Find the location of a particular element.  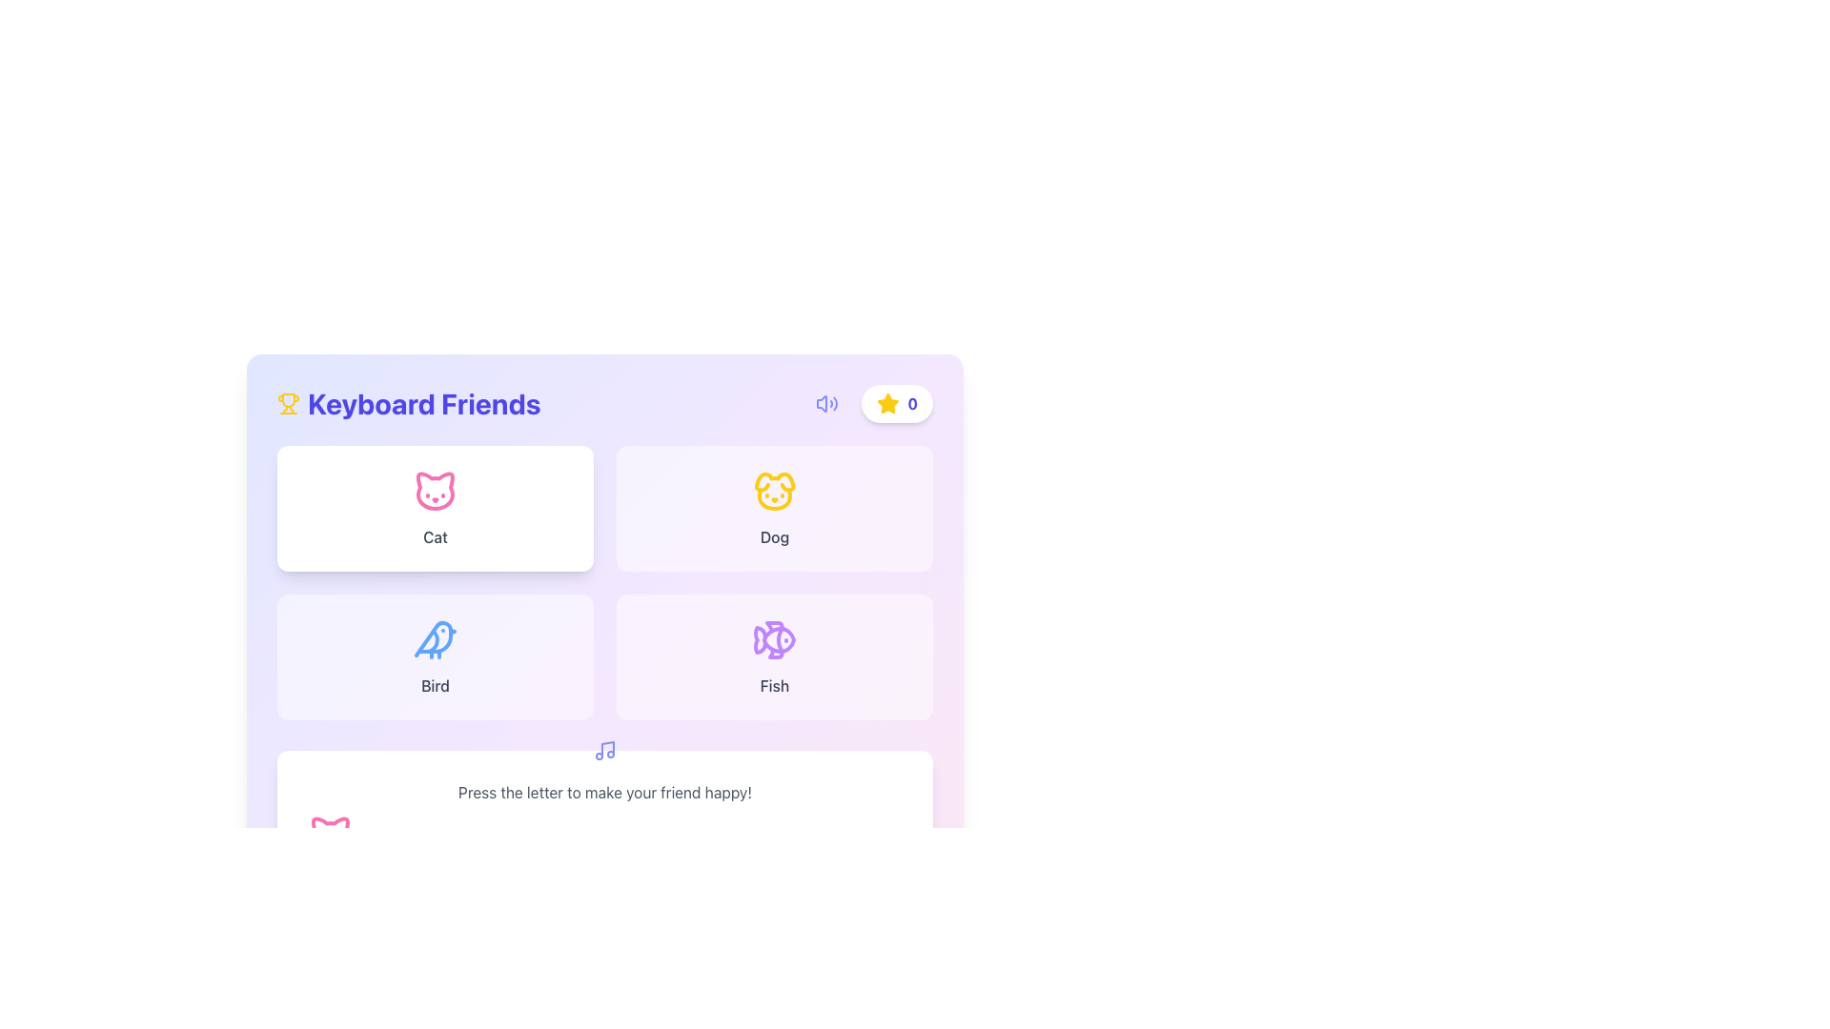

the text label displaying 'Fish' in gray color, located centrally below the fish icon in the bottom-right card of the grid layout is located at coordinates (774, 686).